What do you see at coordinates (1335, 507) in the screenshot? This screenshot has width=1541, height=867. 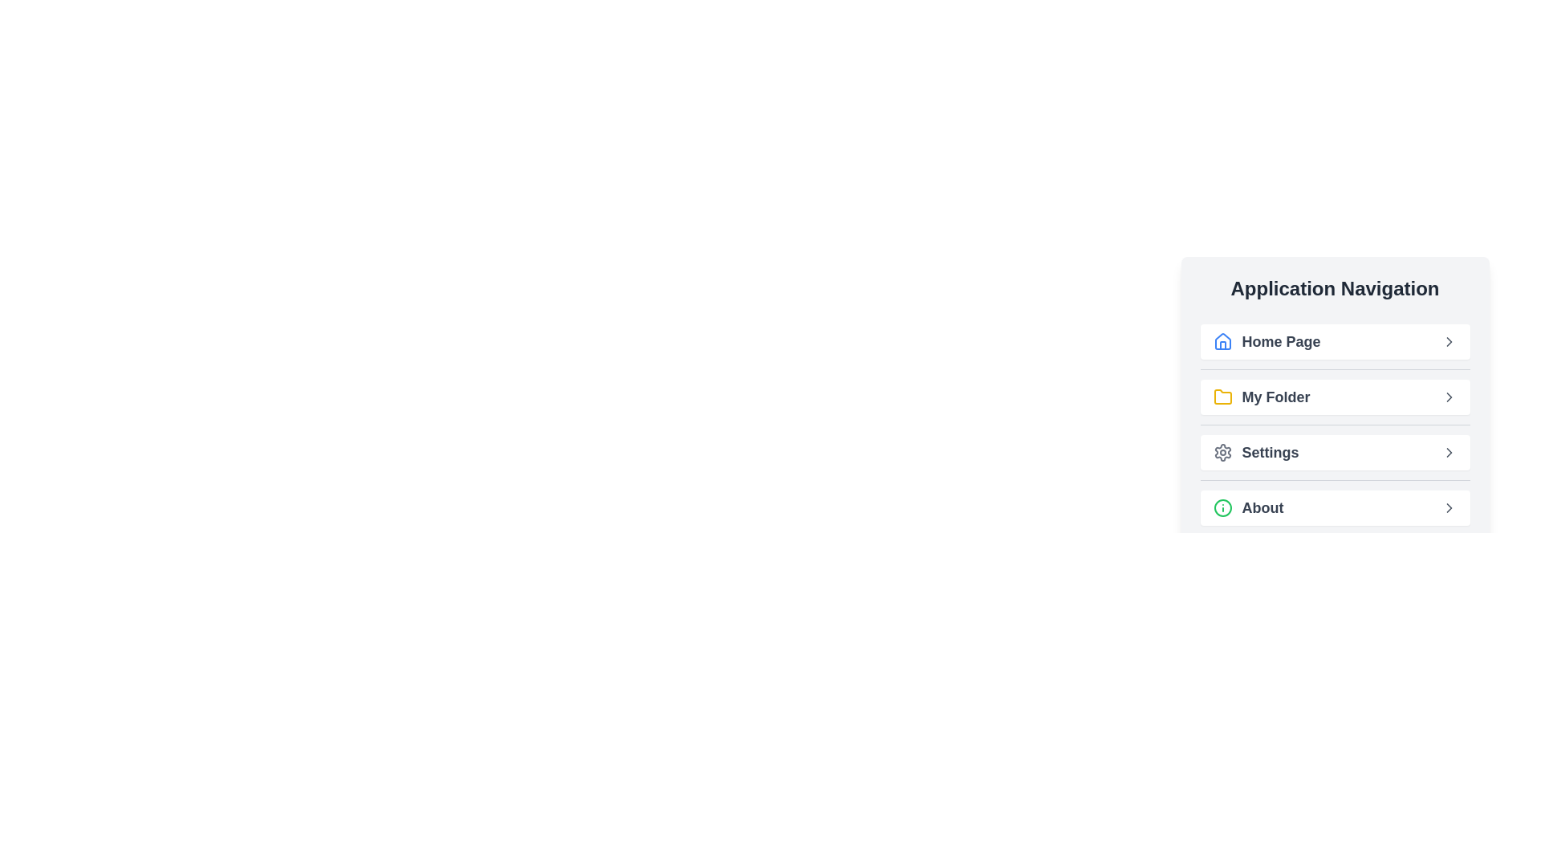 I see `the menu item labeled 'About', which is the fourth item in the vertical navigation menu` at bounding box center [1335, 507].